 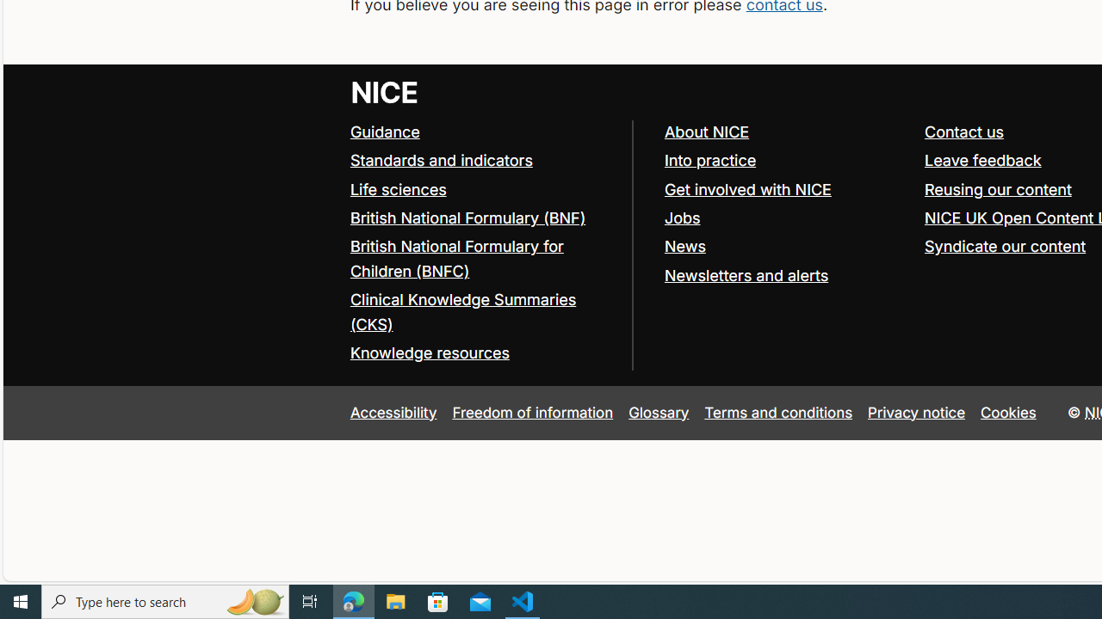 I want to click on 'Guidance', so click(x=383, y=131).